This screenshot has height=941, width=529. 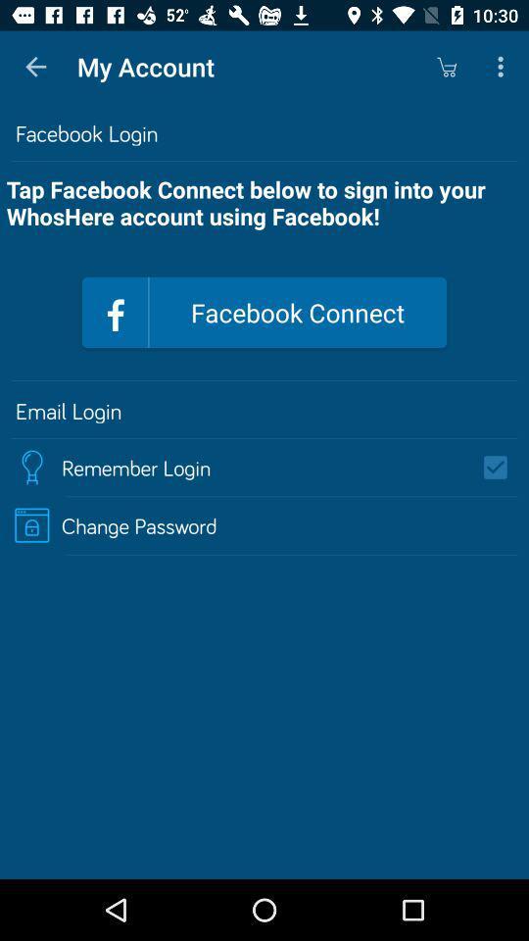 What do you see at coordinates (502, 468) in the screenshot?
I see `session reminder box` at bounding box center [502, 468].